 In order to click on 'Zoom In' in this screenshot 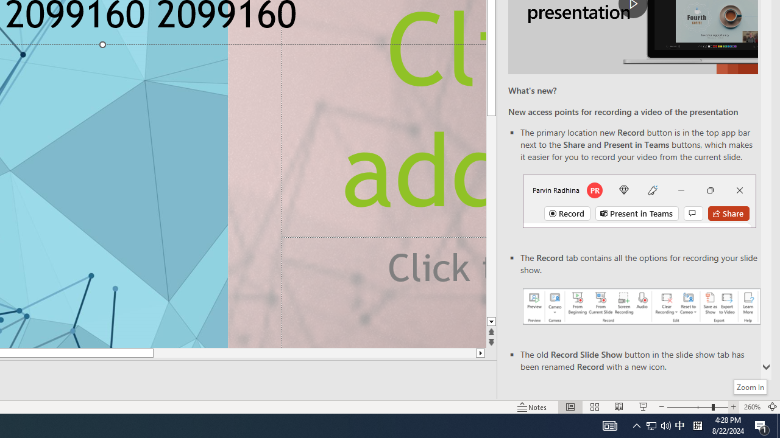, I will do `click(750, 387)`.